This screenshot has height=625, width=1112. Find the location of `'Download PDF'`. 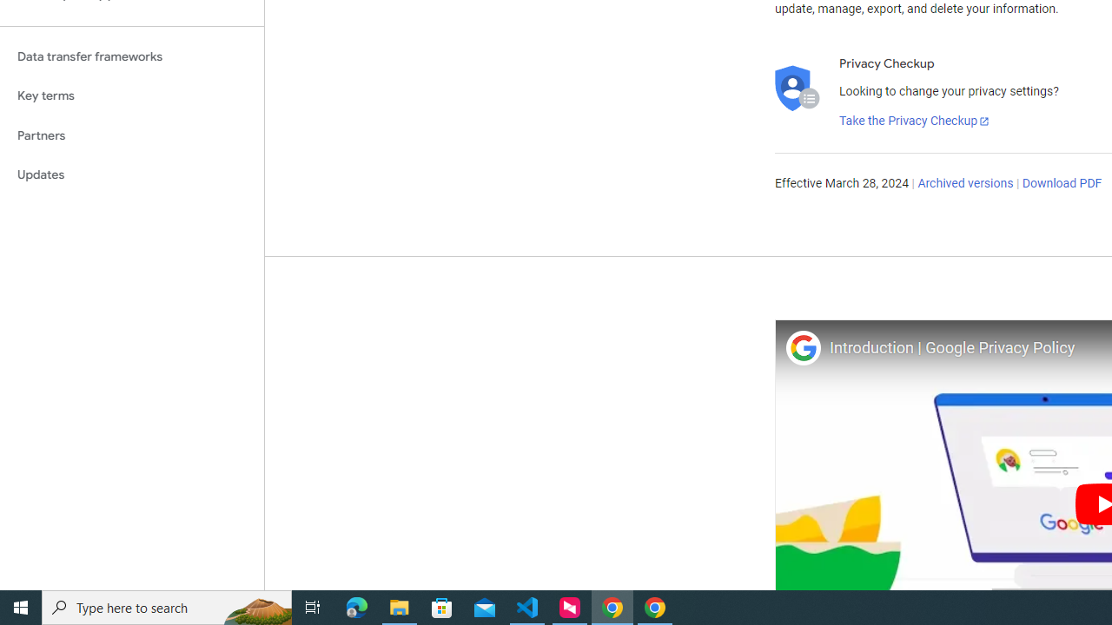

'Download PDF' is located at coordinates (1061, 184).